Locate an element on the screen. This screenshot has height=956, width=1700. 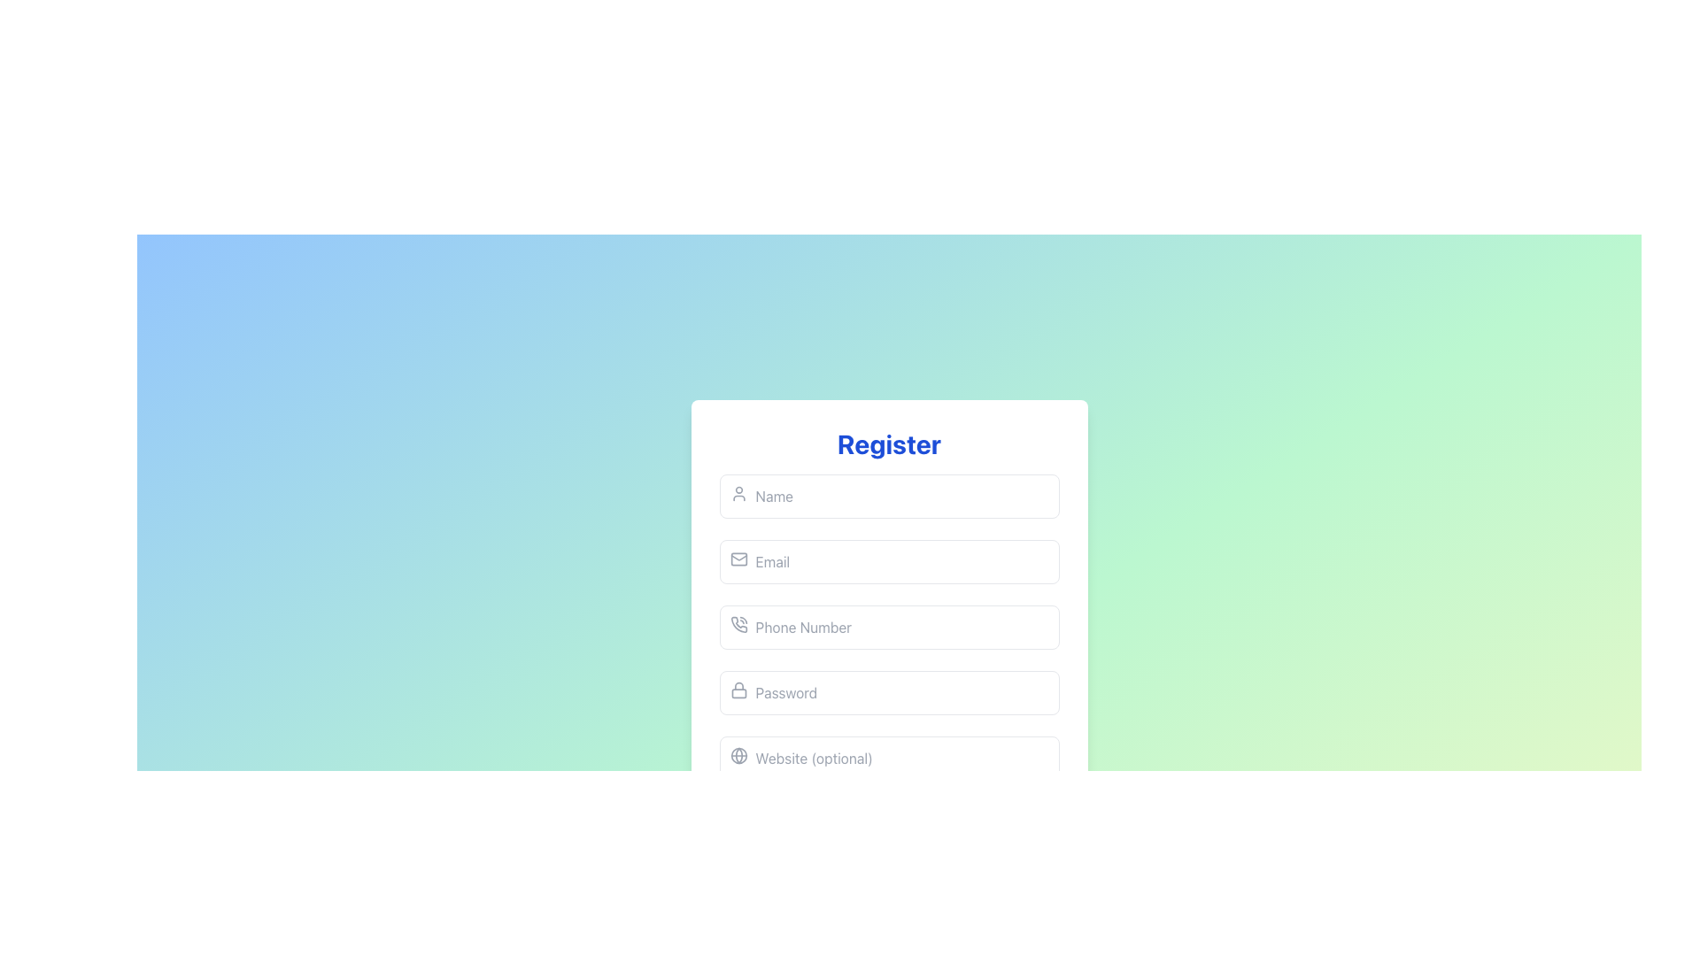
the icon that visually indicates a website, positioned to the left of the 'Website (optional)' input field is located at coordinates (738, 755).